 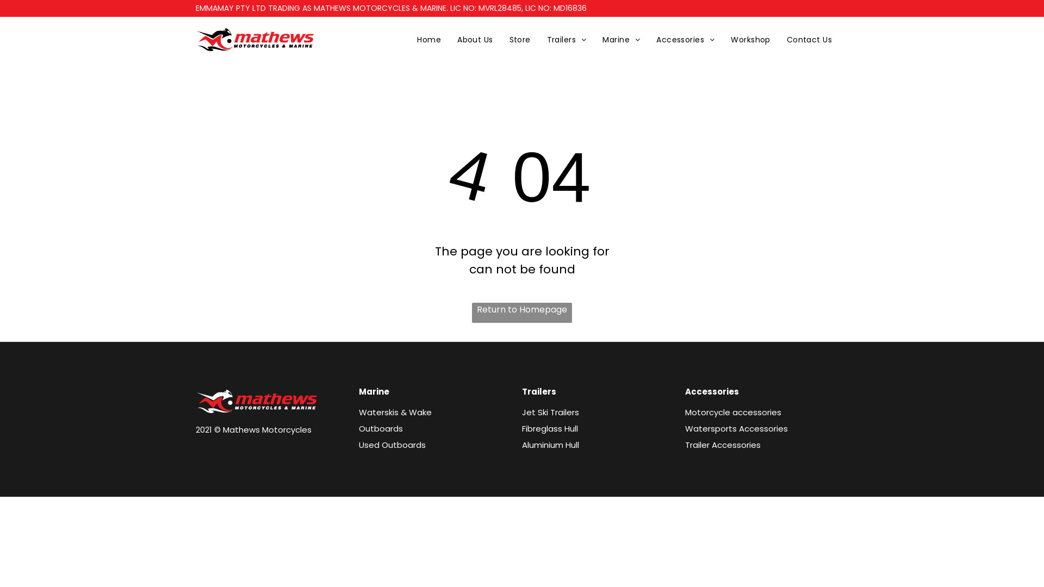 I want to click on 'Workshop', so click(x=723, y=39).